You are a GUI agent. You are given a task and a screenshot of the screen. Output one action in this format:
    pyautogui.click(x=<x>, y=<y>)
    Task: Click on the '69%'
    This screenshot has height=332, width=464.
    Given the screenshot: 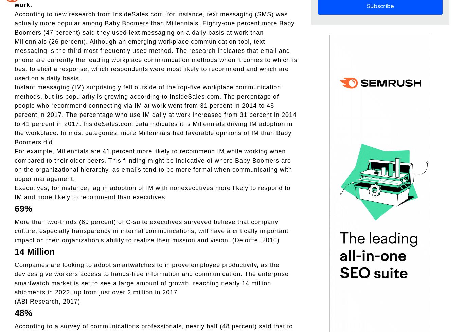 What is the action you would take?
    pyautogui.click(x=23, y=208)
    